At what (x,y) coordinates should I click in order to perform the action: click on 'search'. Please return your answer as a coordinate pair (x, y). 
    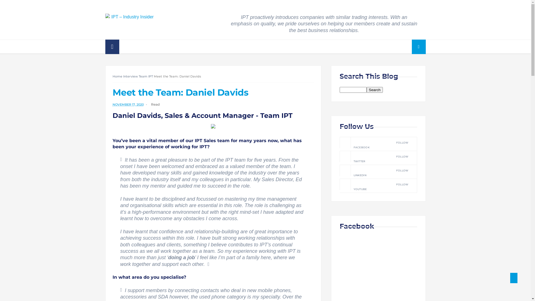
    Looking at the image, I should click on (352, 89).